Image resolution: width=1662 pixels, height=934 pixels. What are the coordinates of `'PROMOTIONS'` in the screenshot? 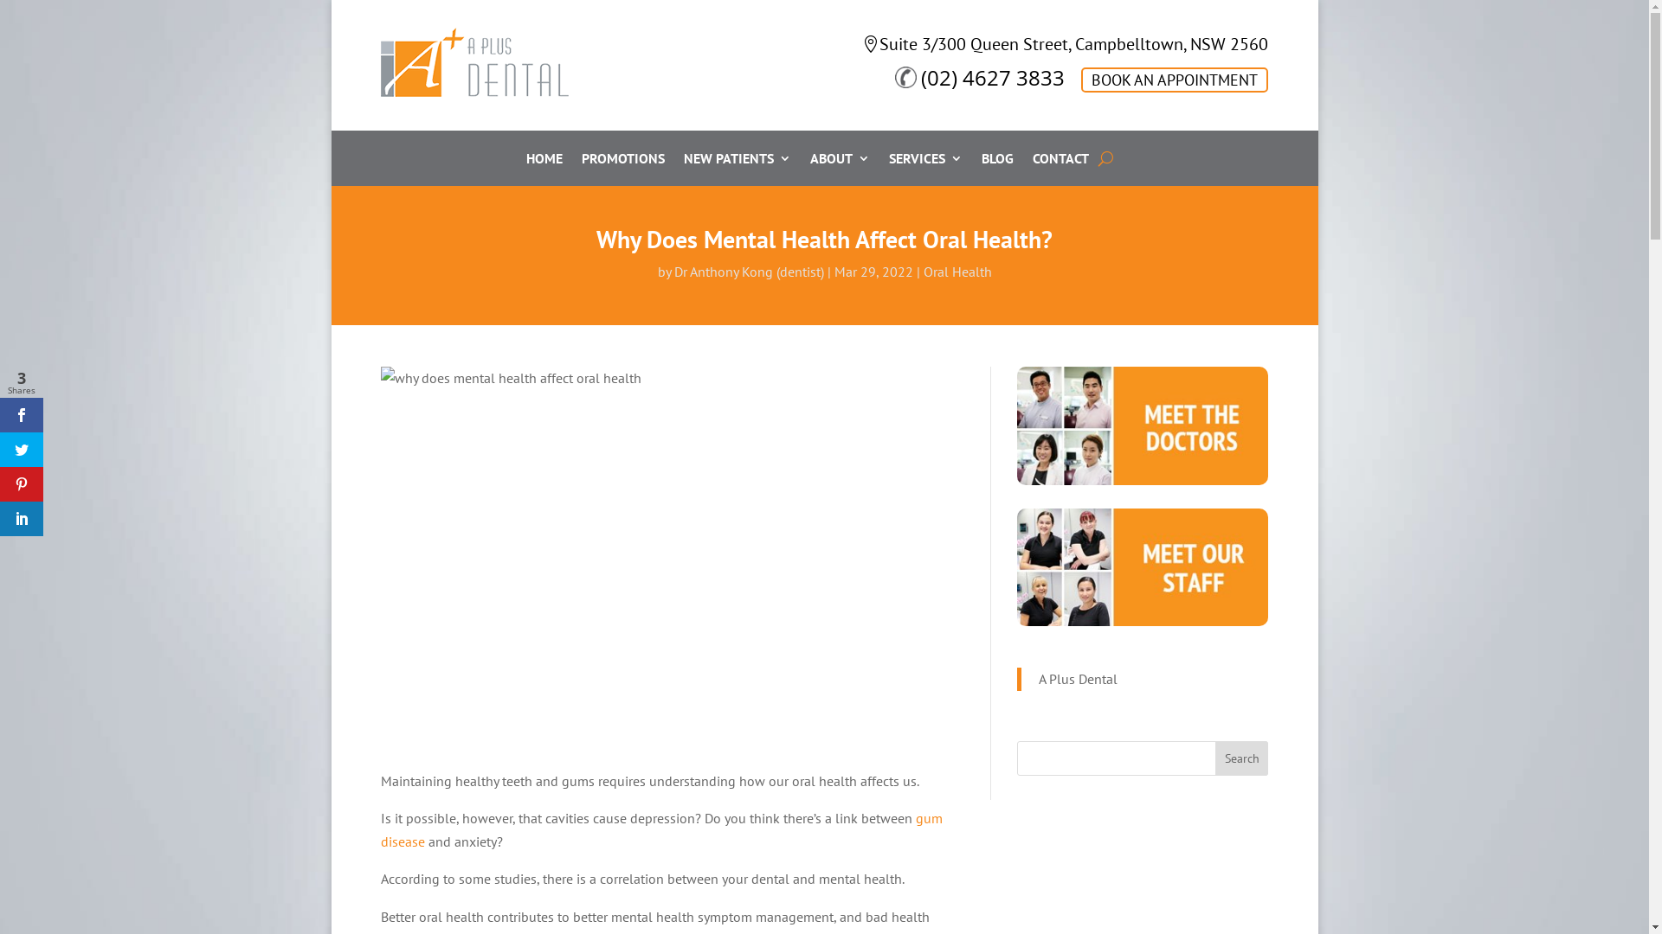 It's located at (623, 161).